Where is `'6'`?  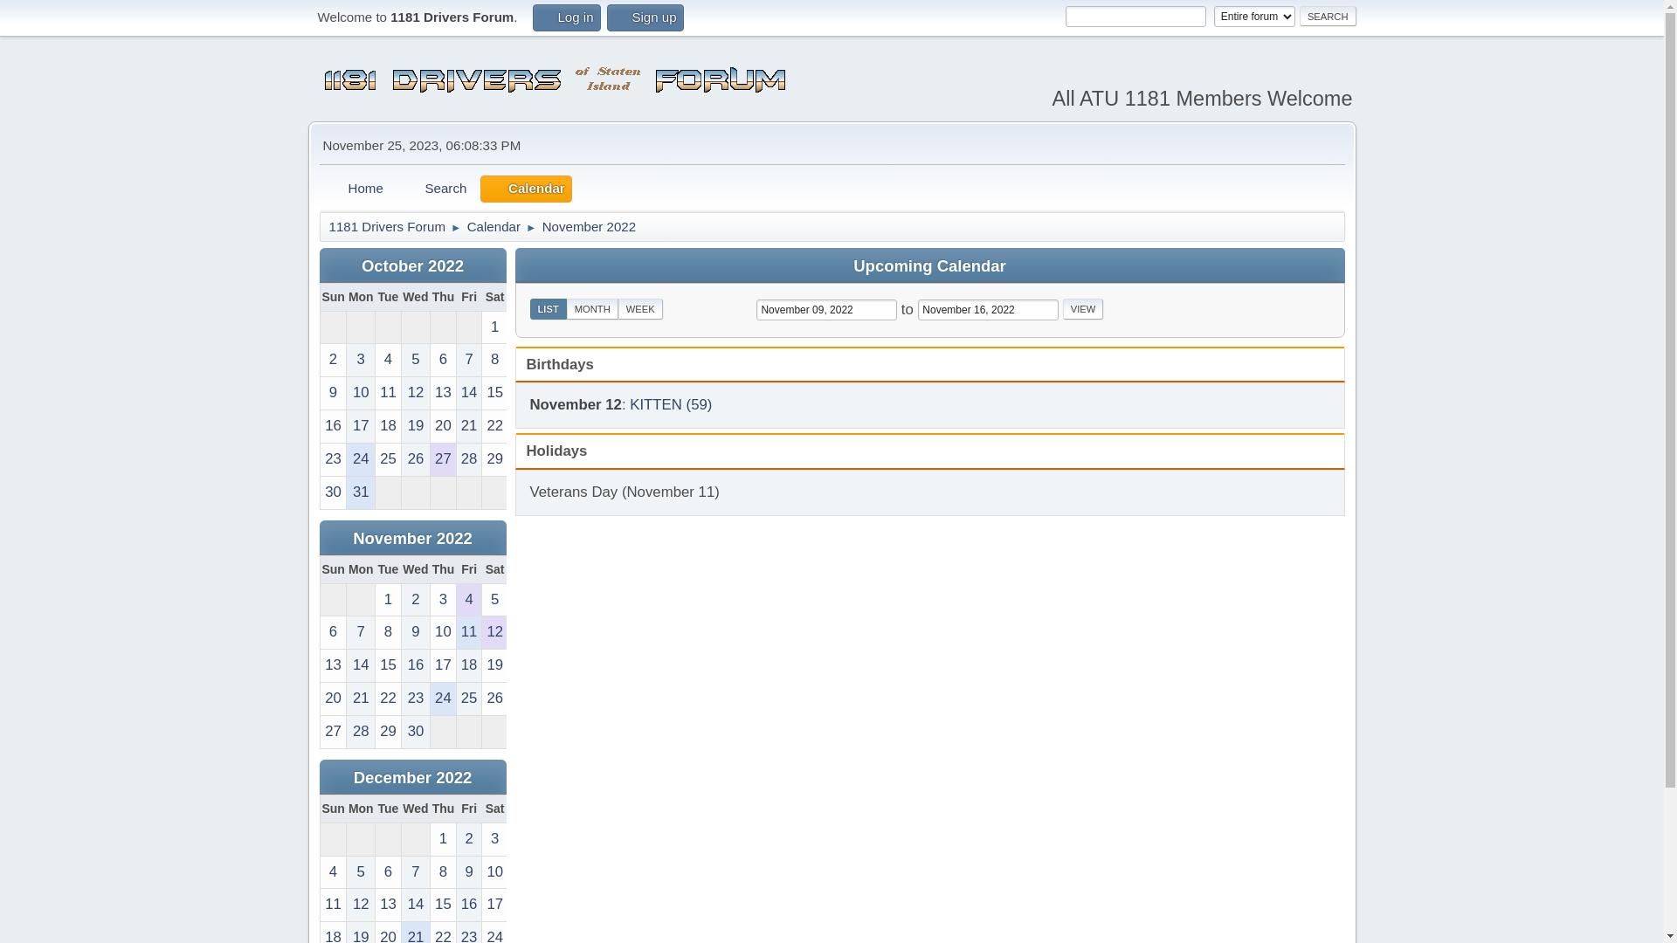
'6' is located at coordinates (332, 632).